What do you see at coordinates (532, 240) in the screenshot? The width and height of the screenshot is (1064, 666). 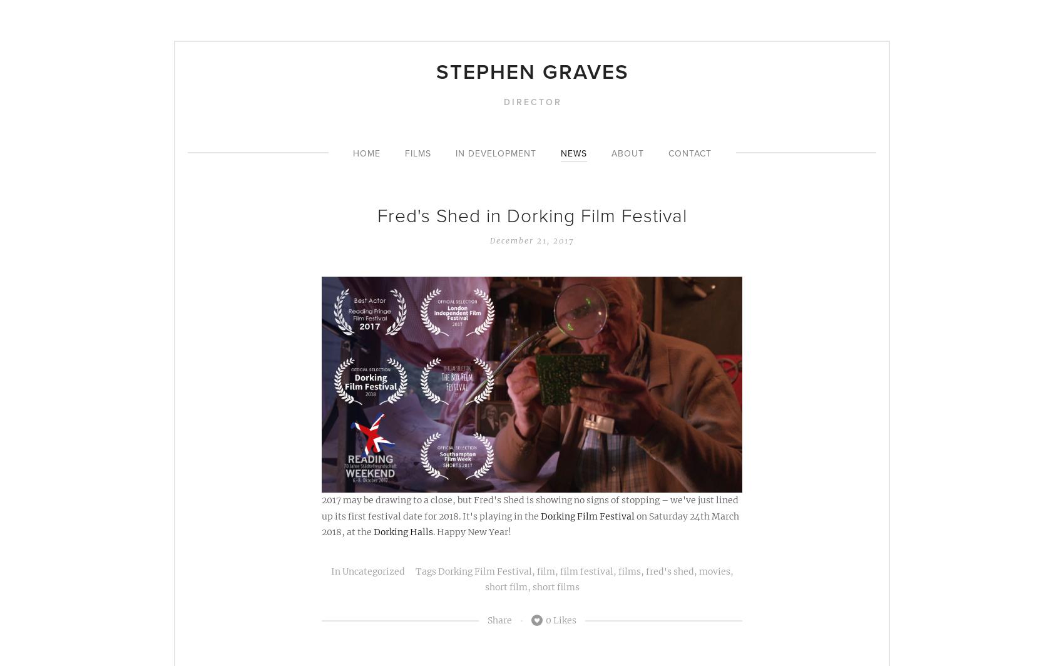 I see `'December 21, 2017'` at bounding box center [532, 240].